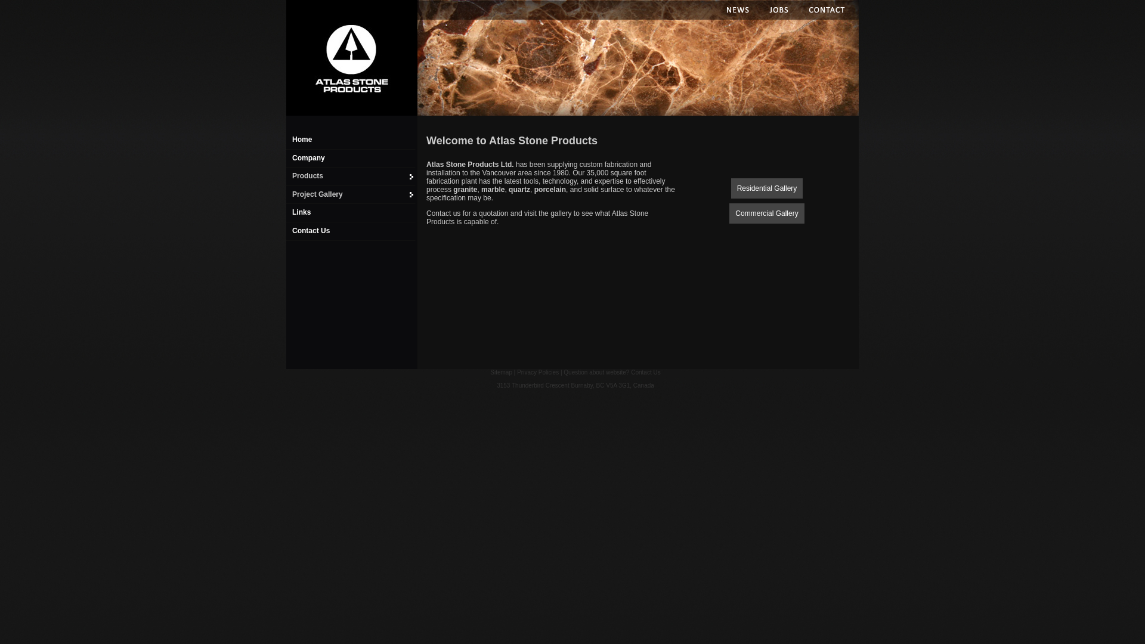  What do you see at coordinates (766, 212) in the screenshot?
I see `'Commercial Gallery'` at bounding box center [766, 212].